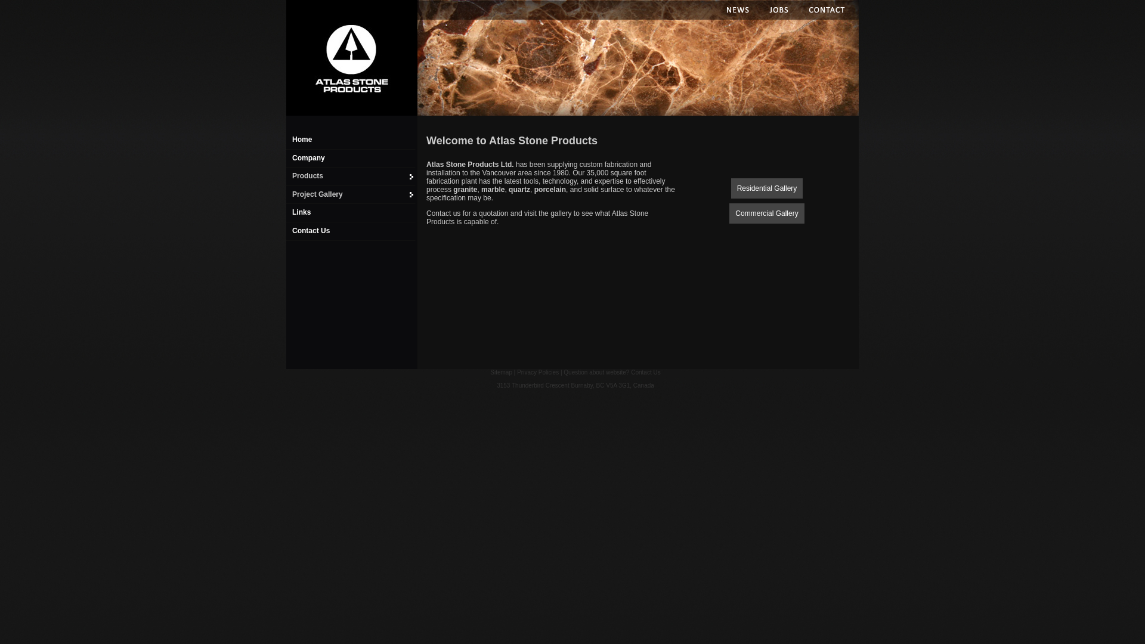  What do you see at coordinates (766, 212) in the screenshot?
I see `'Commercial Gallery'` at bounding box center [766, 212].